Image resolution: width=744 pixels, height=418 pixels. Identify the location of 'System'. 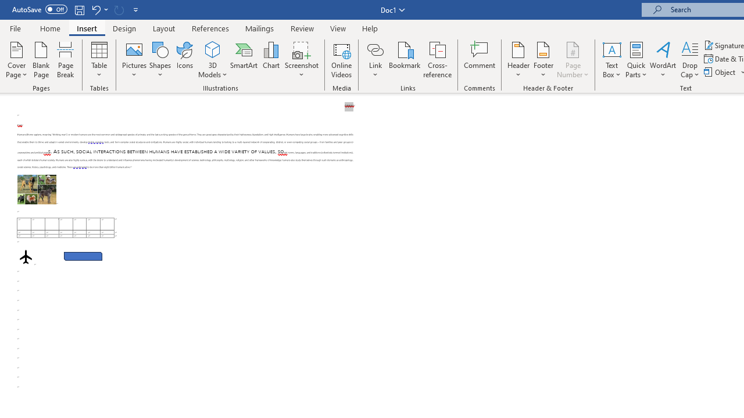
(6, 6).